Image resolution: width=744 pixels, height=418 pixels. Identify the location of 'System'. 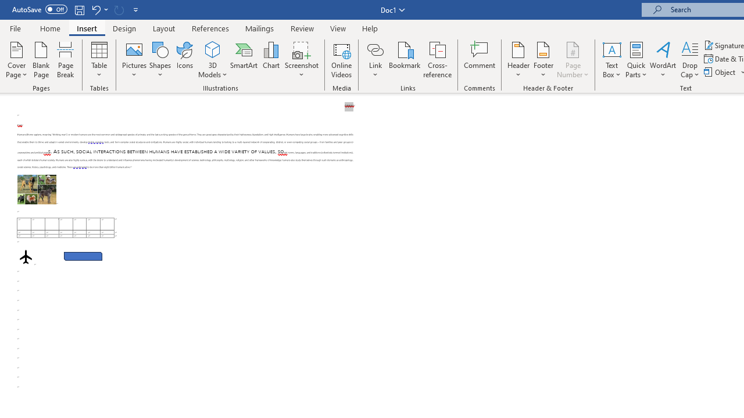
(6, 6).